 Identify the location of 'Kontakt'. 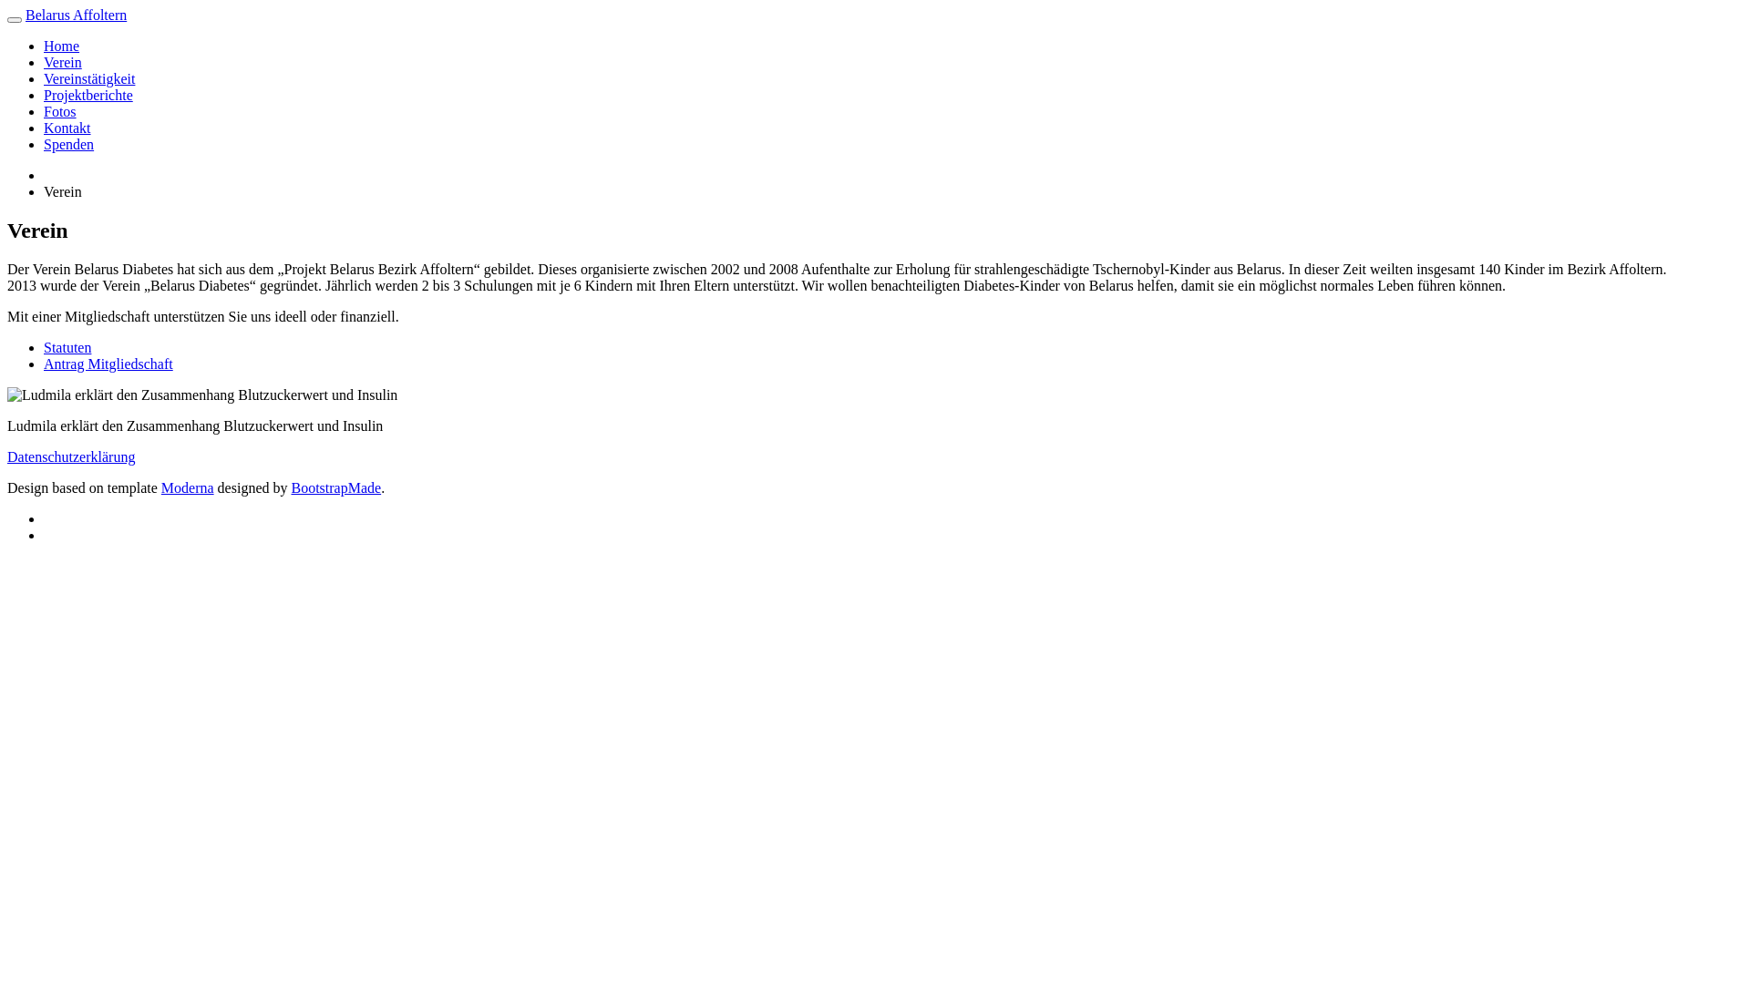
(44, 127).